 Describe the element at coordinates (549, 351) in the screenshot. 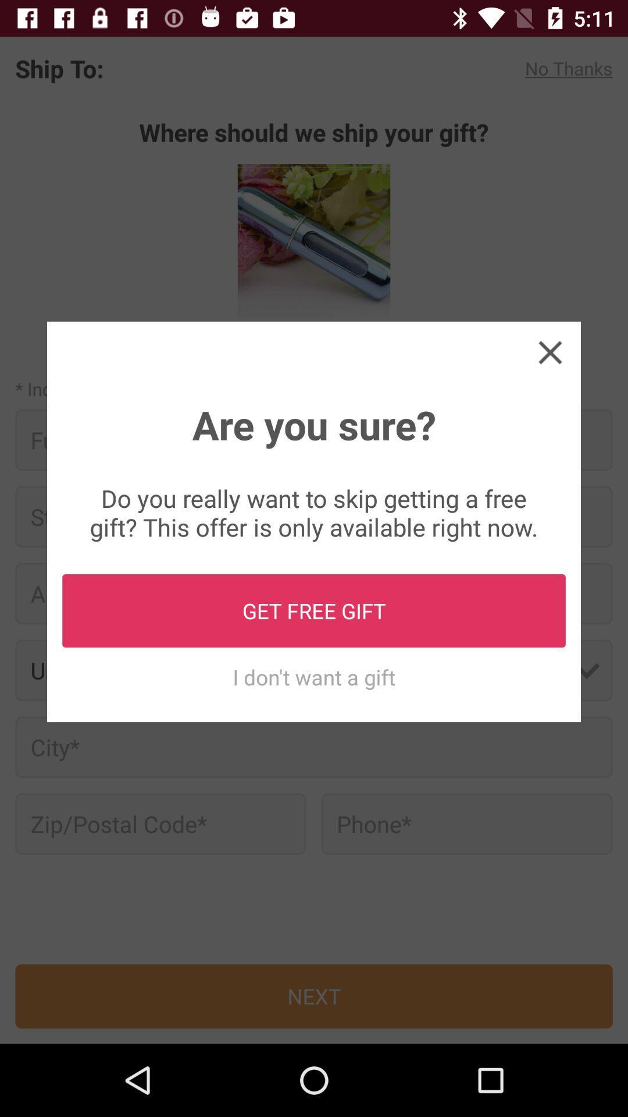

I see `the icon above the are you sure? icon` at that location.